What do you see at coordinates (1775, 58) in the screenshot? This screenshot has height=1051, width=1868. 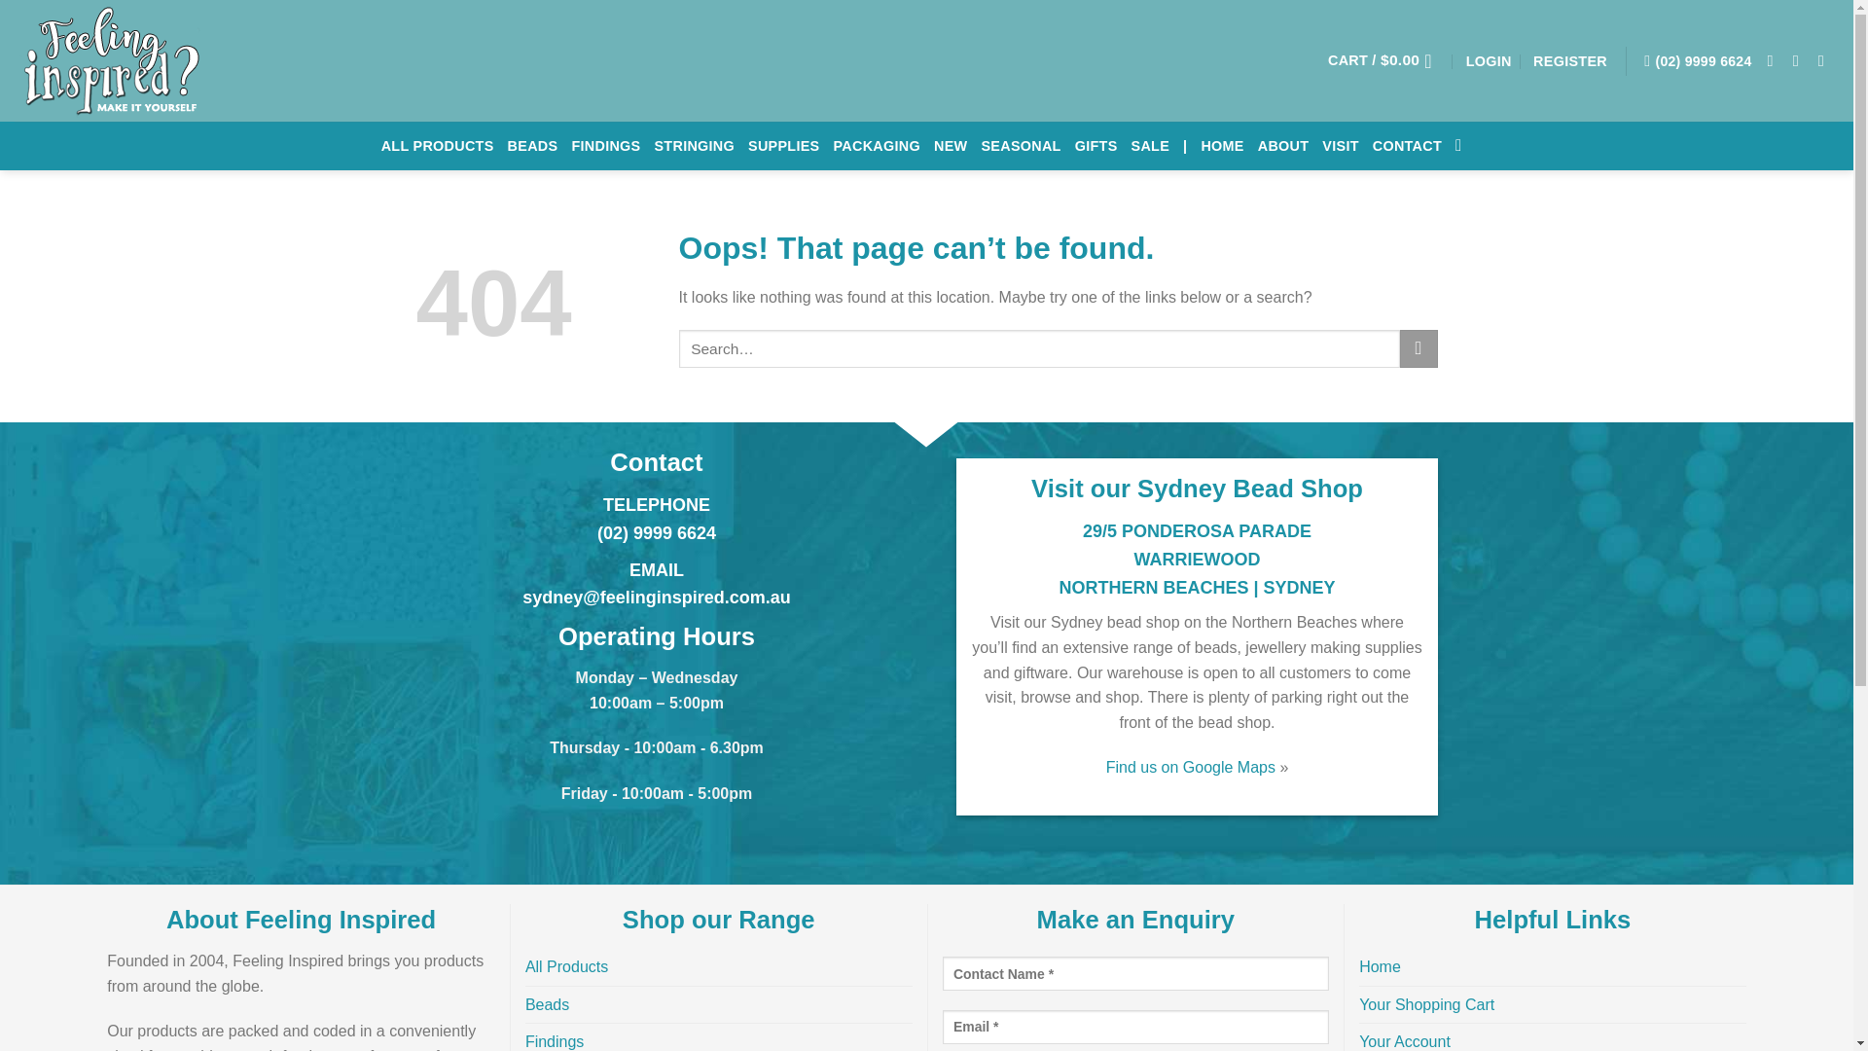 I see `'Follow on Facebook'` at bounding box center [1775, 58].